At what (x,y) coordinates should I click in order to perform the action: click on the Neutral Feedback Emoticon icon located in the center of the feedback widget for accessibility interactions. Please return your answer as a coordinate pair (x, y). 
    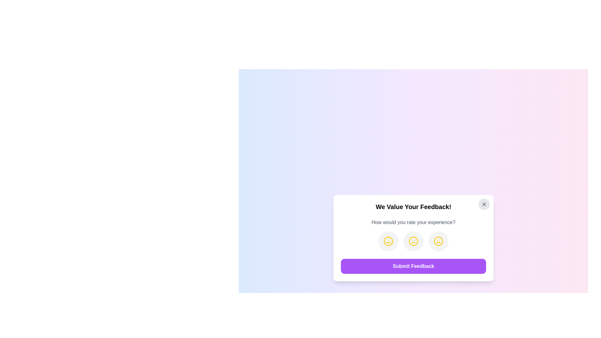
    Looking at the image, I should click on (413, 241).